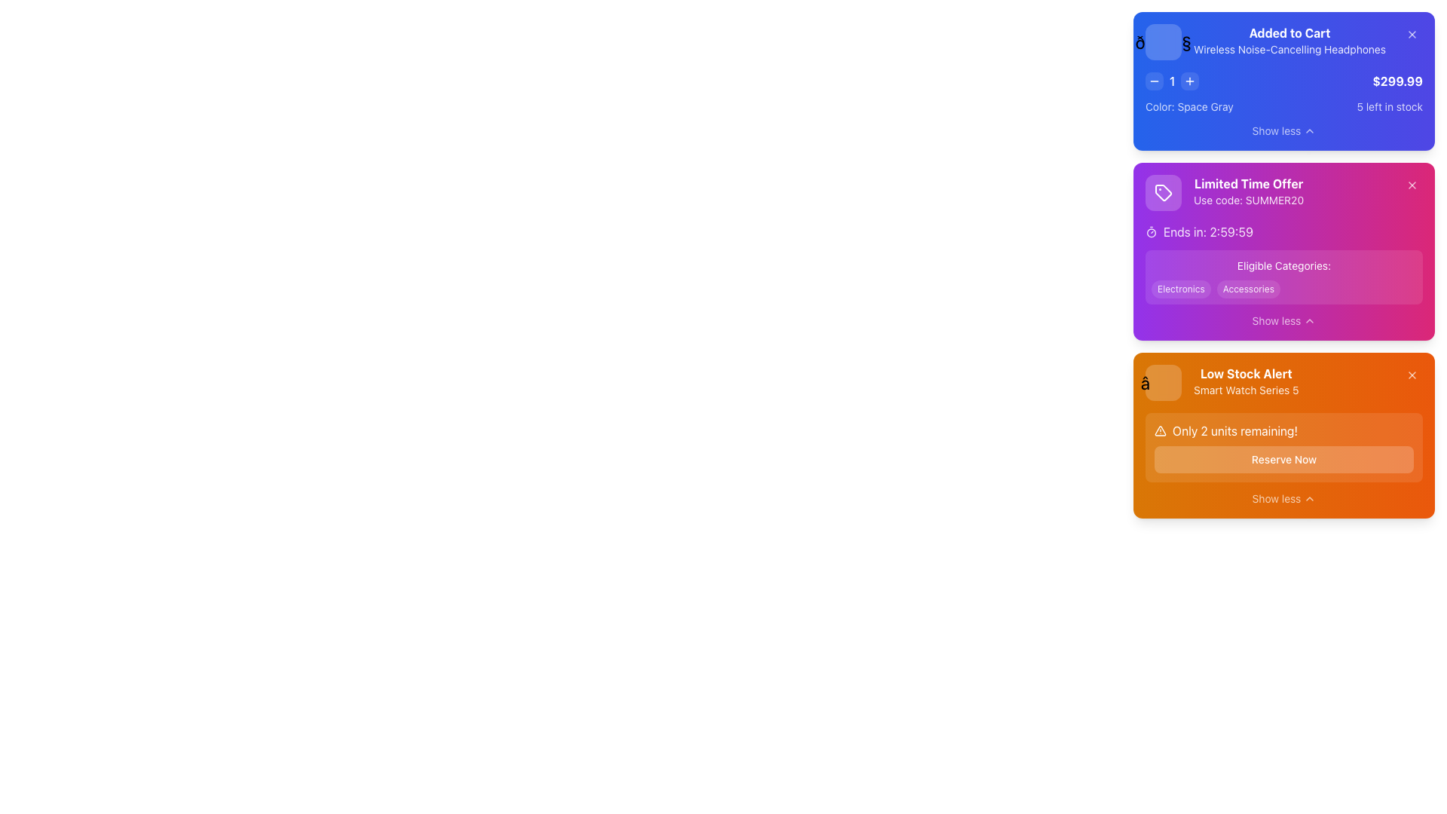 The width and height of the screenshot is (1447, 814). What do you see at coordinates (1289, 41) in the screenshot?
I see `the topmost notification text label indicating that the Wireless Noise-Cancelling Headphones have been successfully added to the cart` at bounding box center [1289, 41].